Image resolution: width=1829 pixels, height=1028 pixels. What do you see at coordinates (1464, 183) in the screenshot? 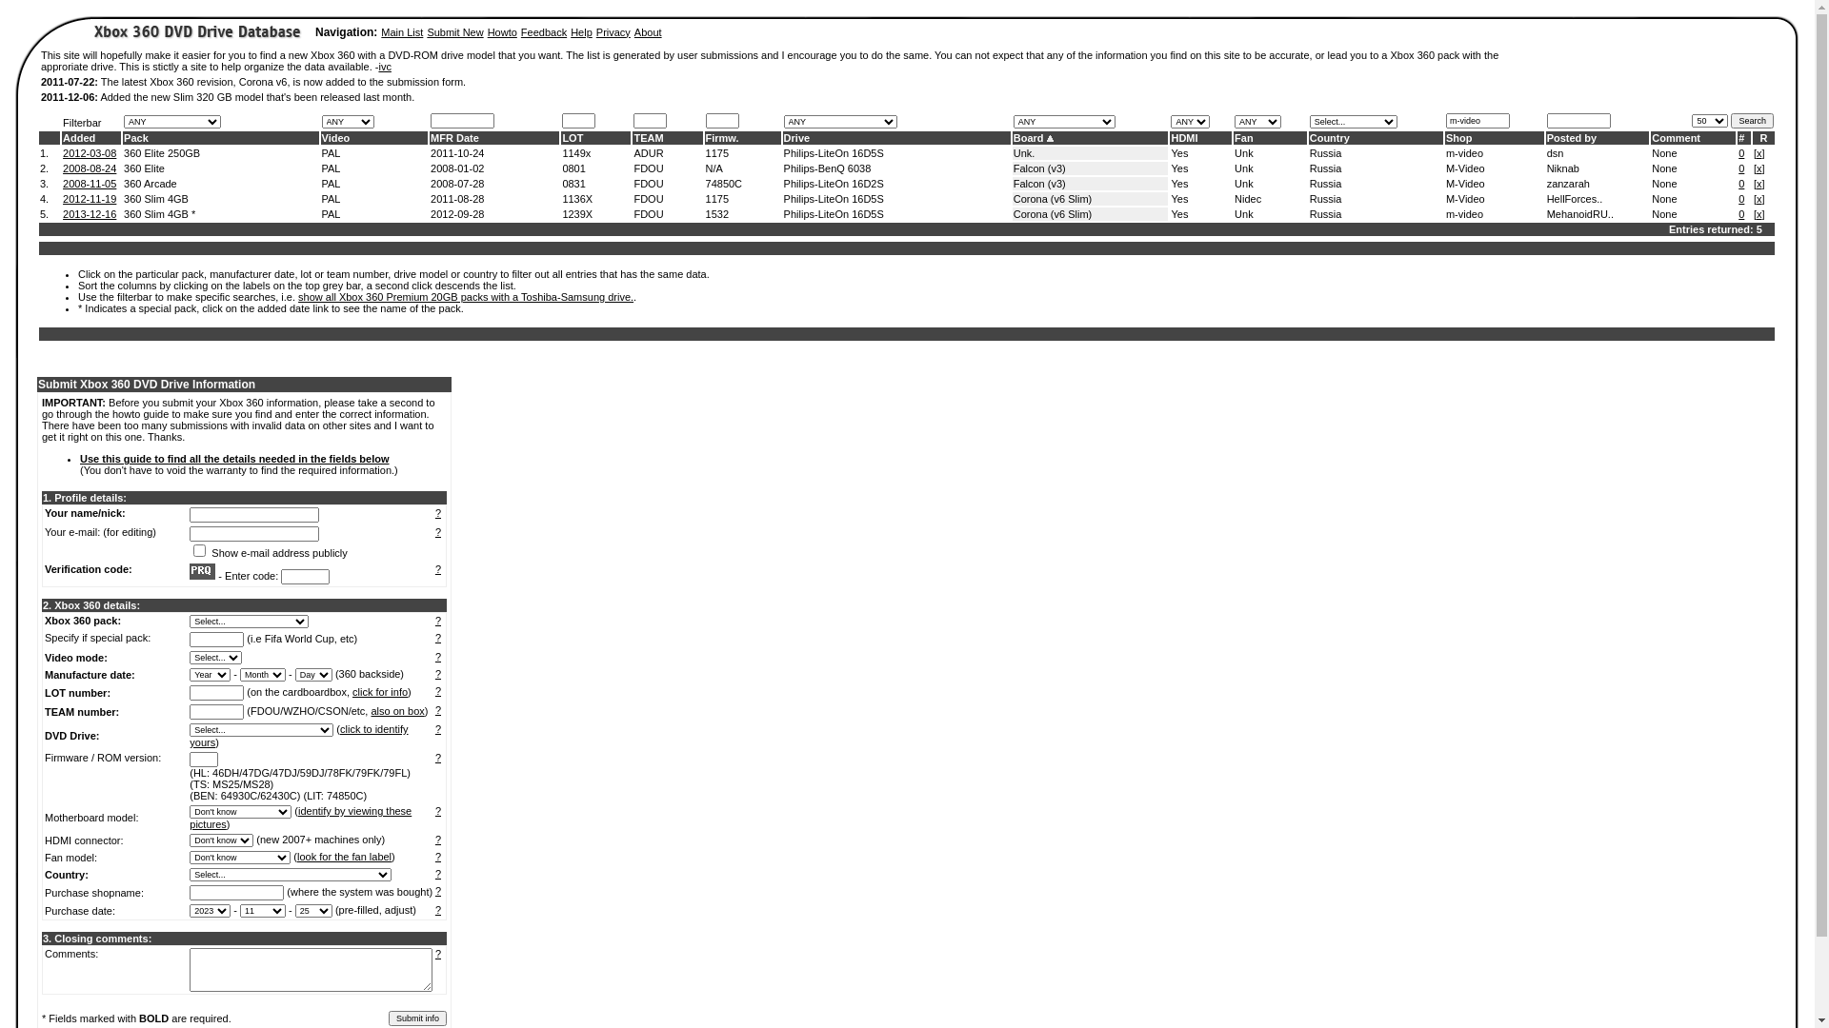
I see `'M-Video'` at bounding box center [1464, 183].